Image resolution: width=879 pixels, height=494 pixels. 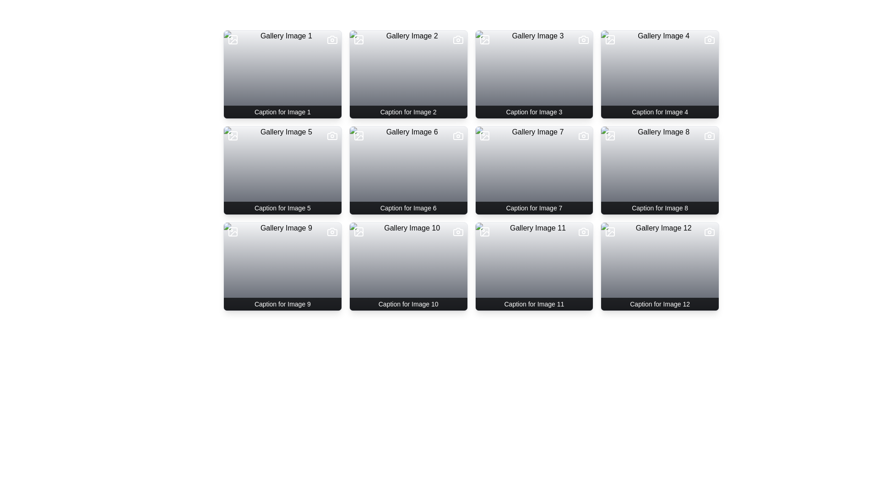 What do you see at coordinates (583, 231) in the screenshot?
I see `the camera icon located at the upper-right corner of the eleventh image in a 4x3 grid layout, which is associated with the caption 'Caption for Image 11'` at bounding box center [583, 231].